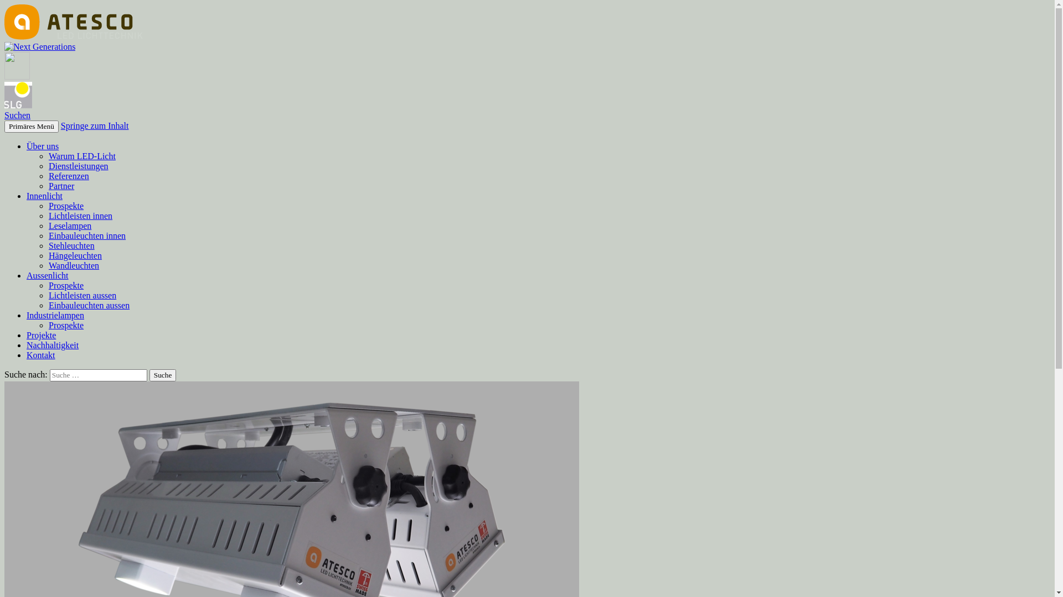 This screenshot has height=597, width=1063. What do you see at coordinates (162, 374) in the screenshot?
I see `'Suche'` at bounding box center [162, 374].